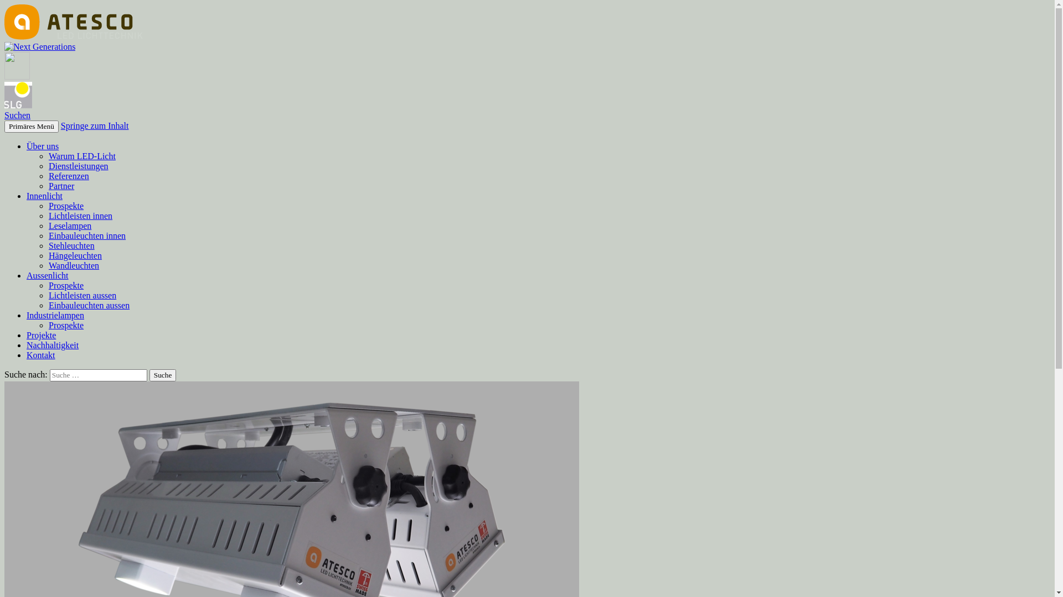 This screenshot has height=597, width=1063. What do you see at coordinates (162, 374) in the screenshot?
I see `'Suche'` at bounding box center [162, 374].